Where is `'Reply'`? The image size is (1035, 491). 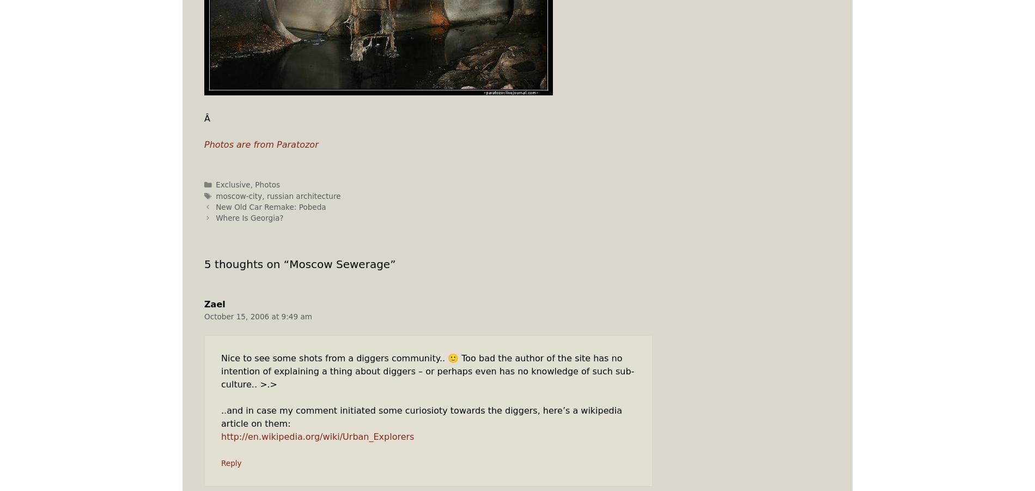
'Reply' is located at coordinates (221, 463).